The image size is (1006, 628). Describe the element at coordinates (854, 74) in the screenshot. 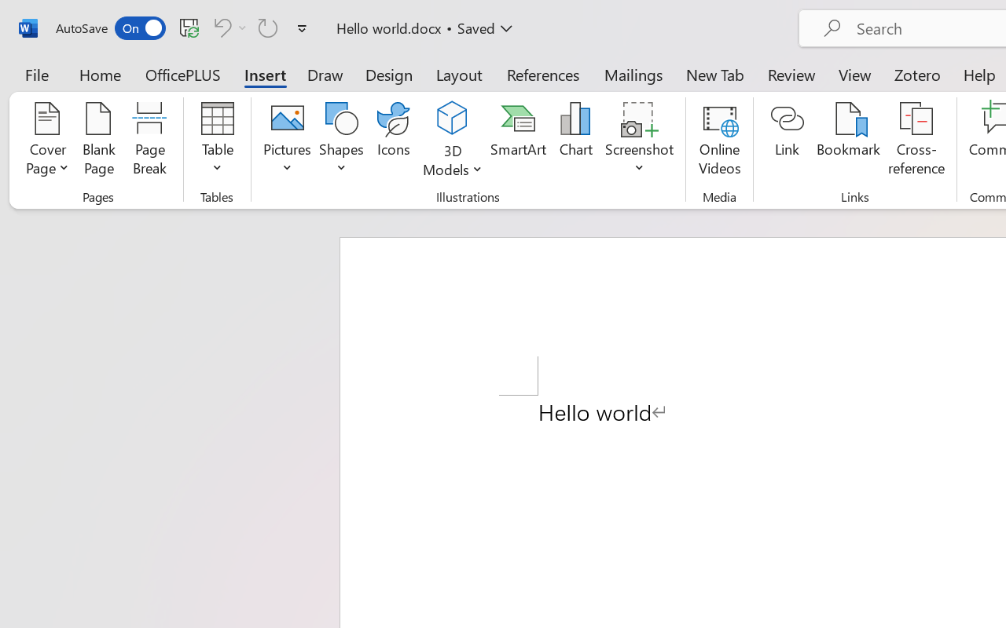

I see `'View'` at that location.